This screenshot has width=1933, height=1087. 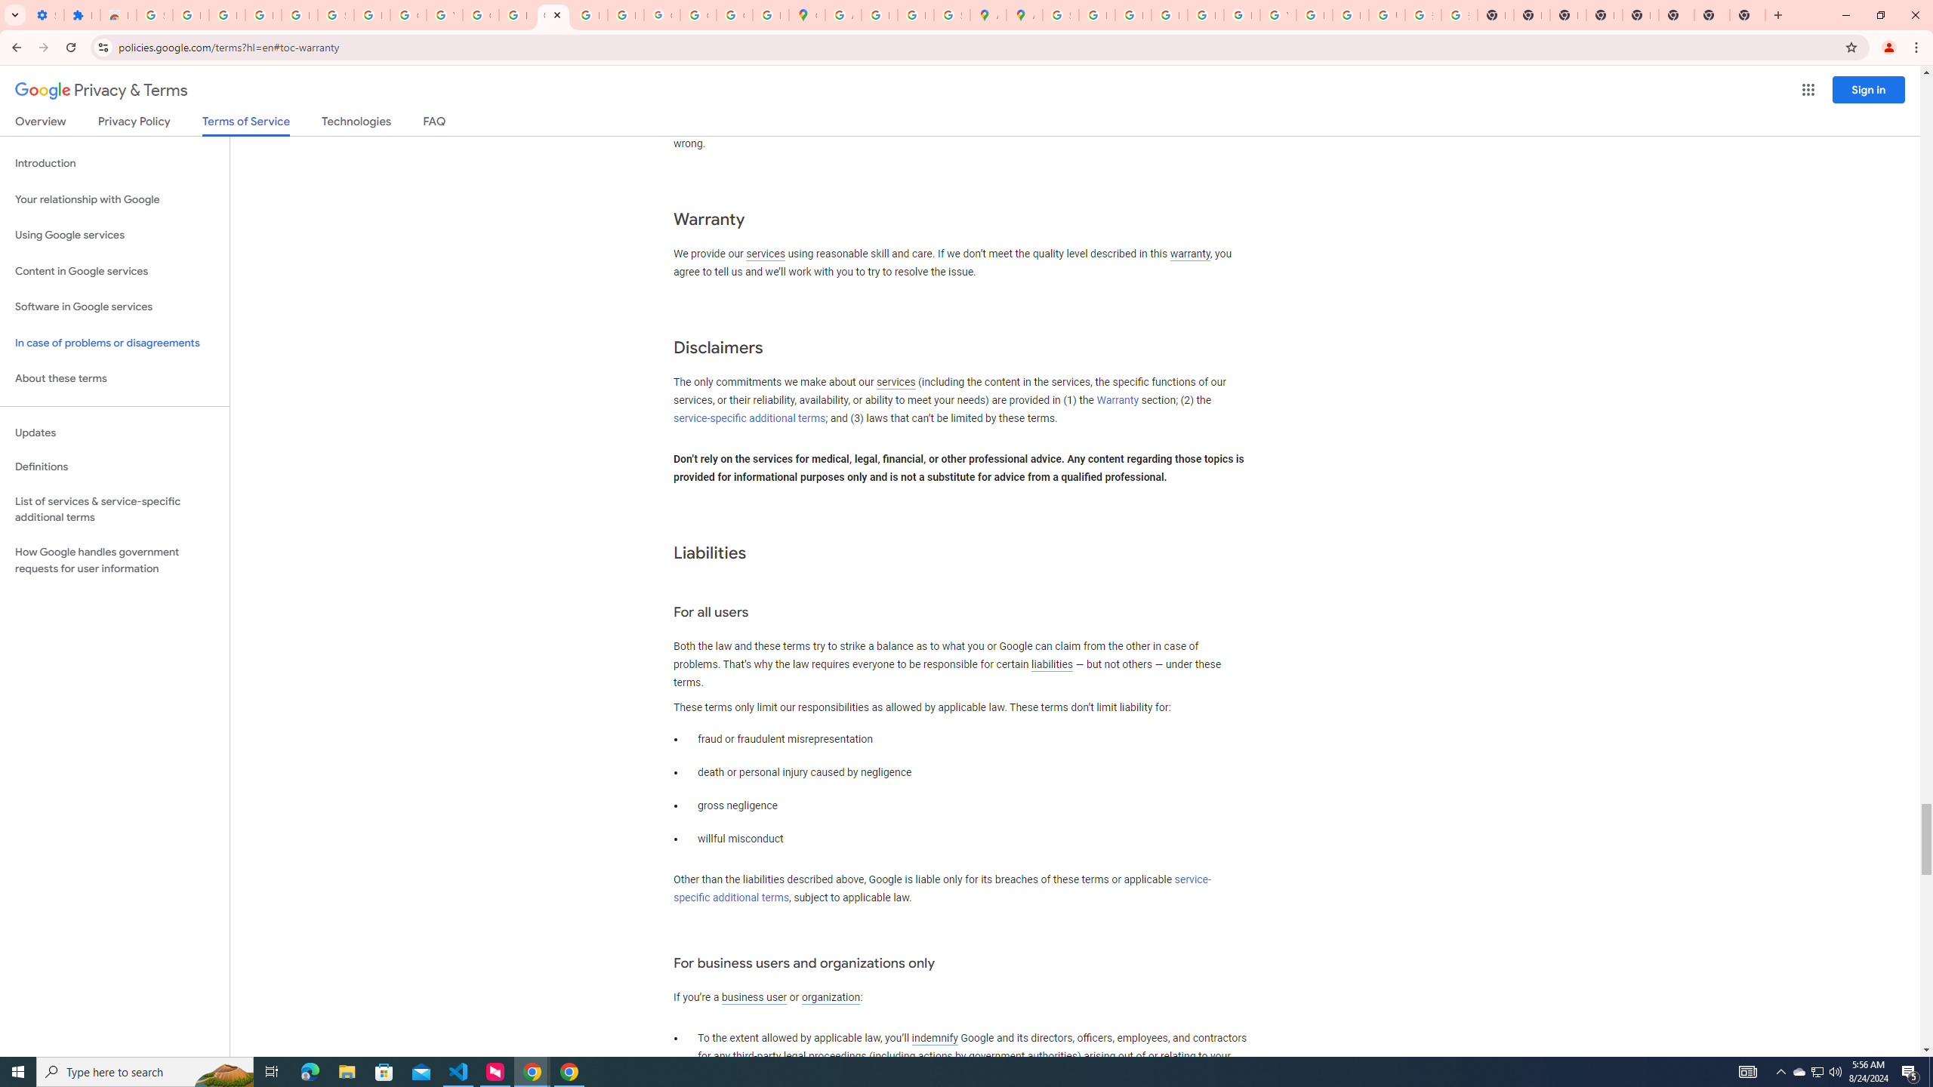 What do you see at coordinates (1188, 254) in the screenshot?
I see `'warranty'` at bounding box center [1188, 254].